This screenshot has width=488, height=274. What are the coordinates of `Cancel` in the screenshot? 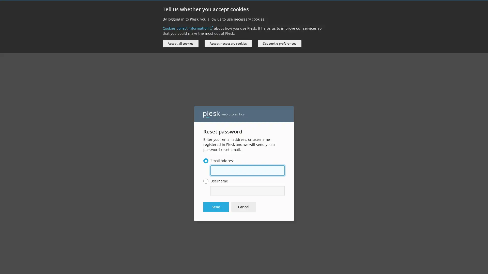 It's located at (243, 207).